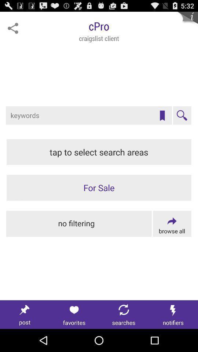 This screenshot has height=352, width=198. Describe the element at coordinates (173, 314) in the screenshot. I see `show all the notifiers` at that location.